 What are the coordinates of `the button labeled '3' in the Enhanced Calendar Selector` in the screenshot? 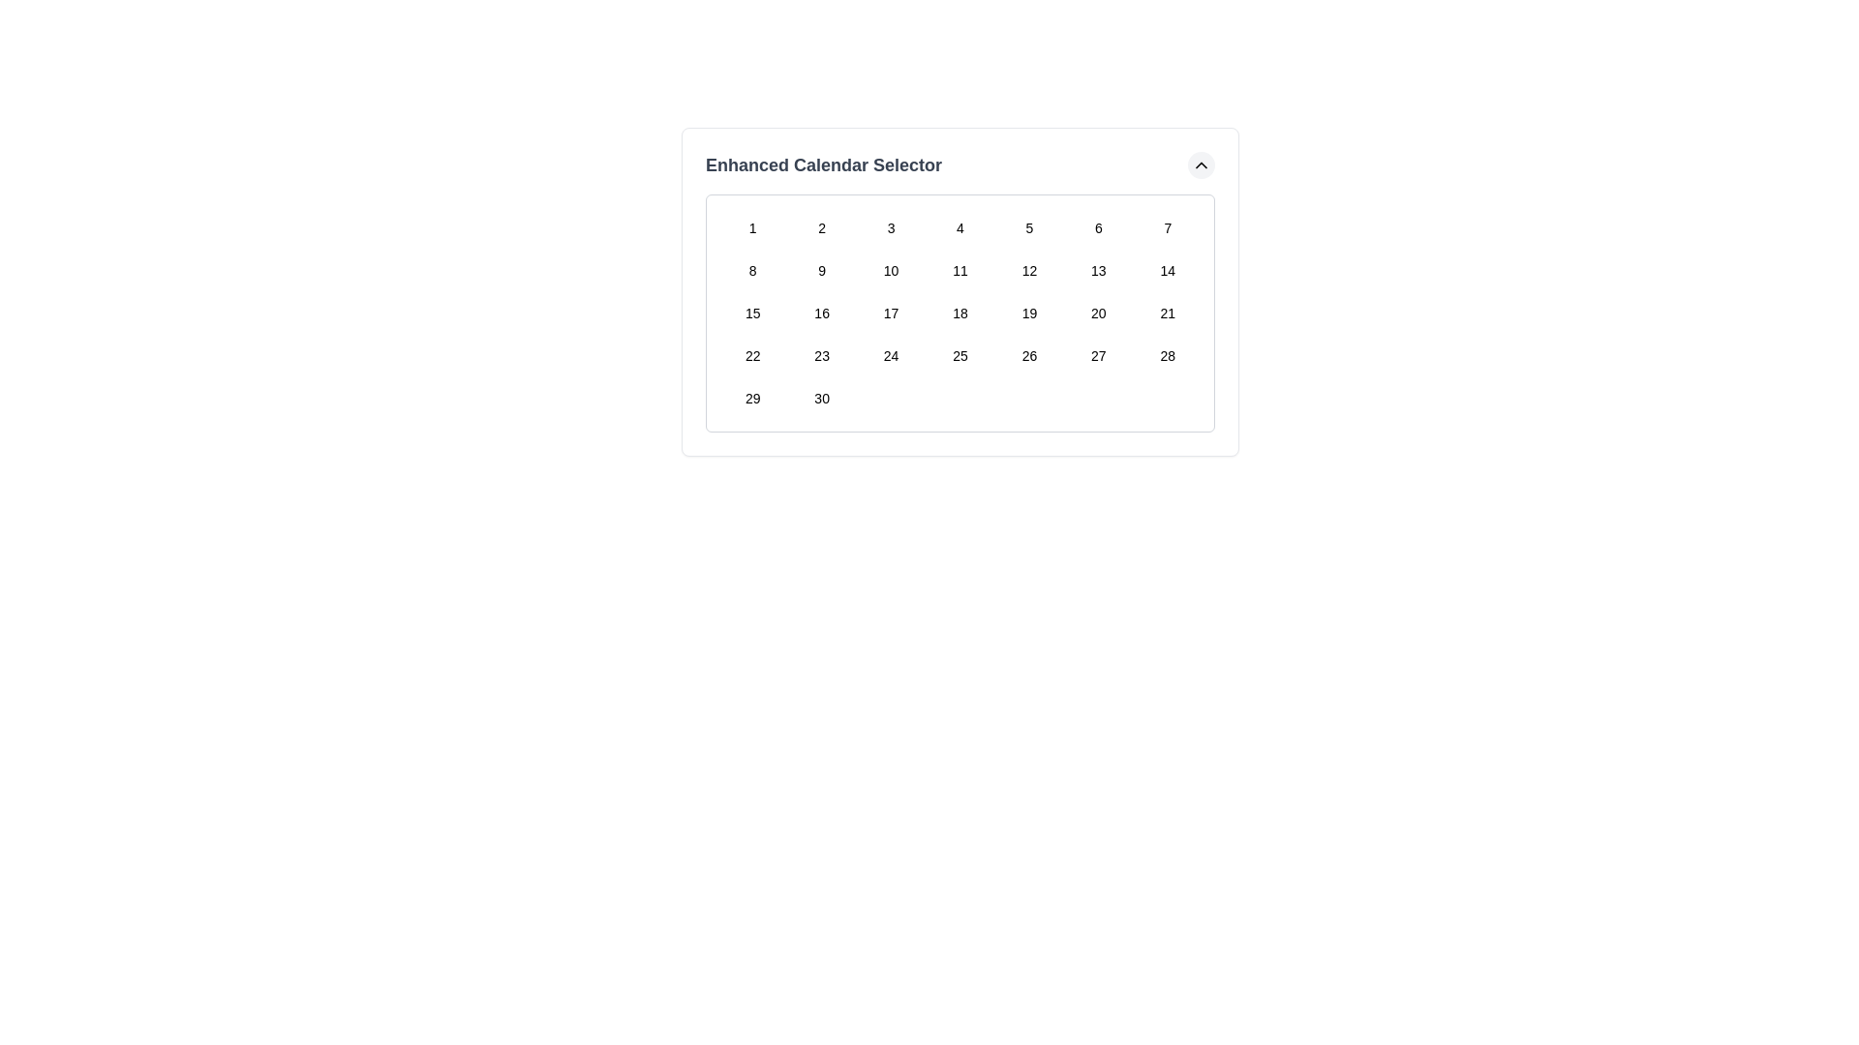 It's located at (890, 226).